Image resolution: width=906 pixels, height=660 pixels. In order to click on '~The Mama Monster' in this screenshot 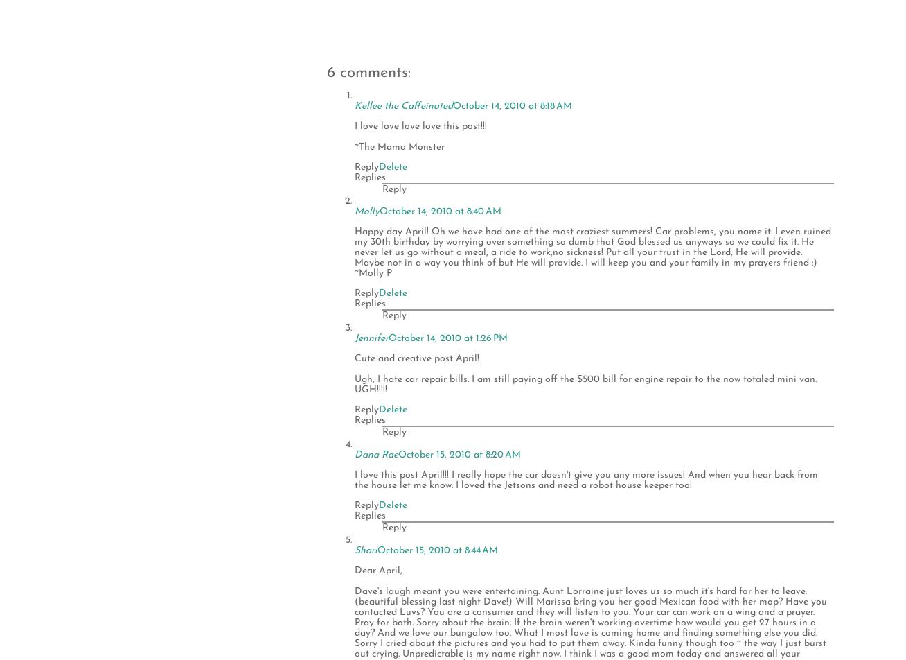, I will do `click(398, 146)`.